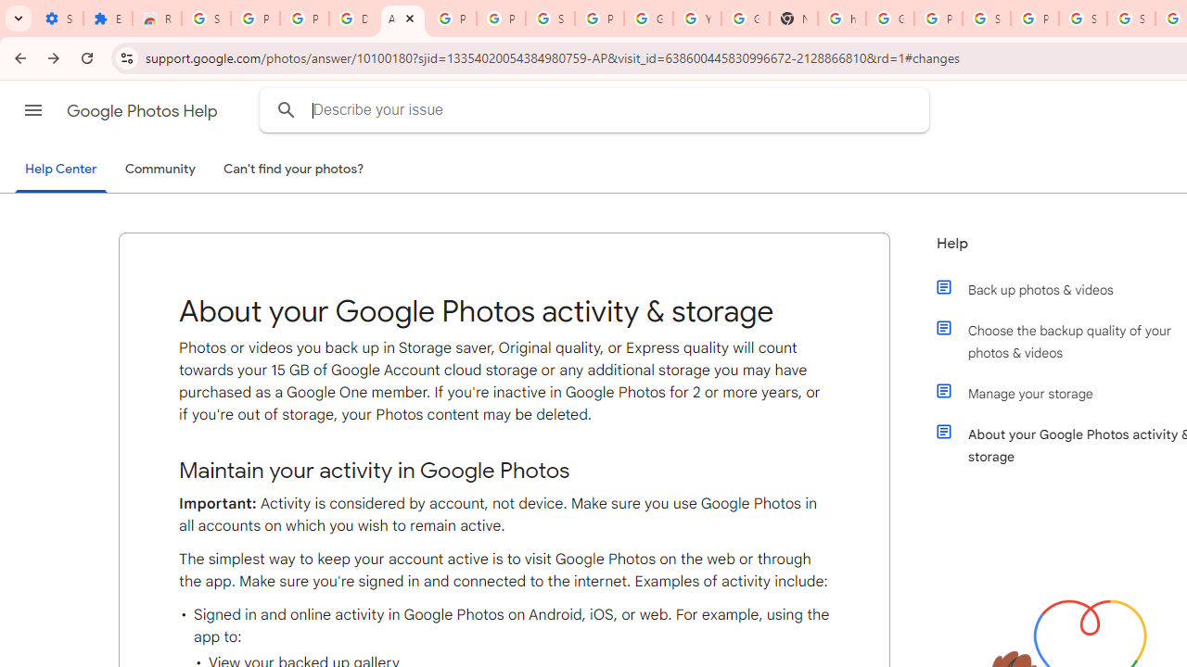 This screenshot has height=667, width=1187. I want to click on 'Help Center', so click(60, 170).